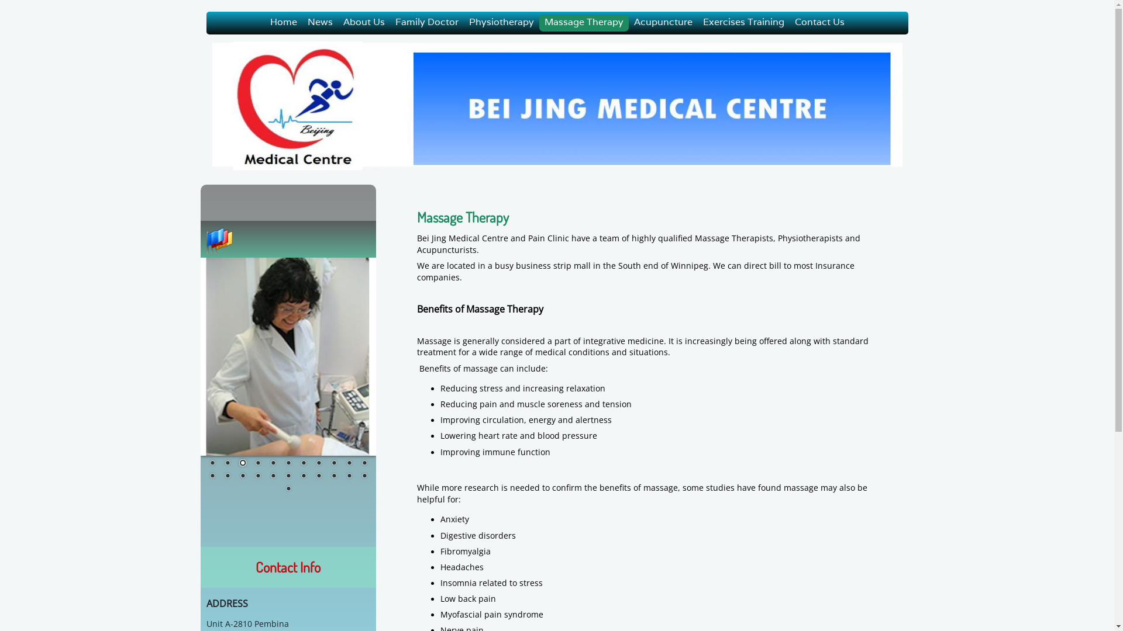 This screenshot has height=631, width=1123. I want to click on '21', so click(348, 477).